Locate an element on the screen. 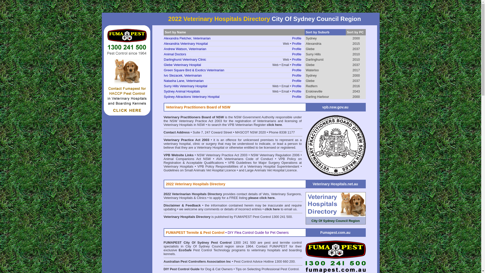 The image size is (485, 273). 'Sort by Name' is located at coordinates (175, 32).